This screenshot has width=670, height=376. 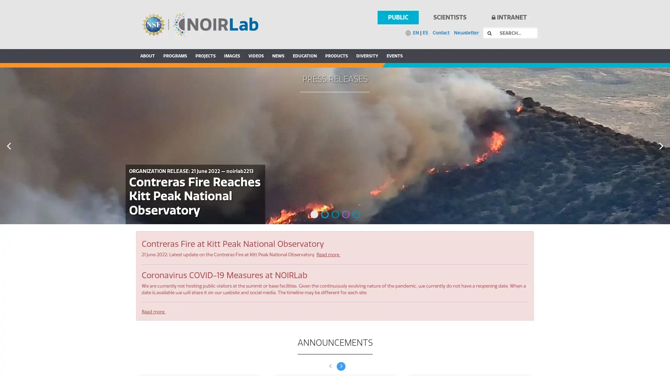 What do you see at coordinates (509, 17) in the screenshot?
I see `INTRANET` at bounding box center [509, 17].